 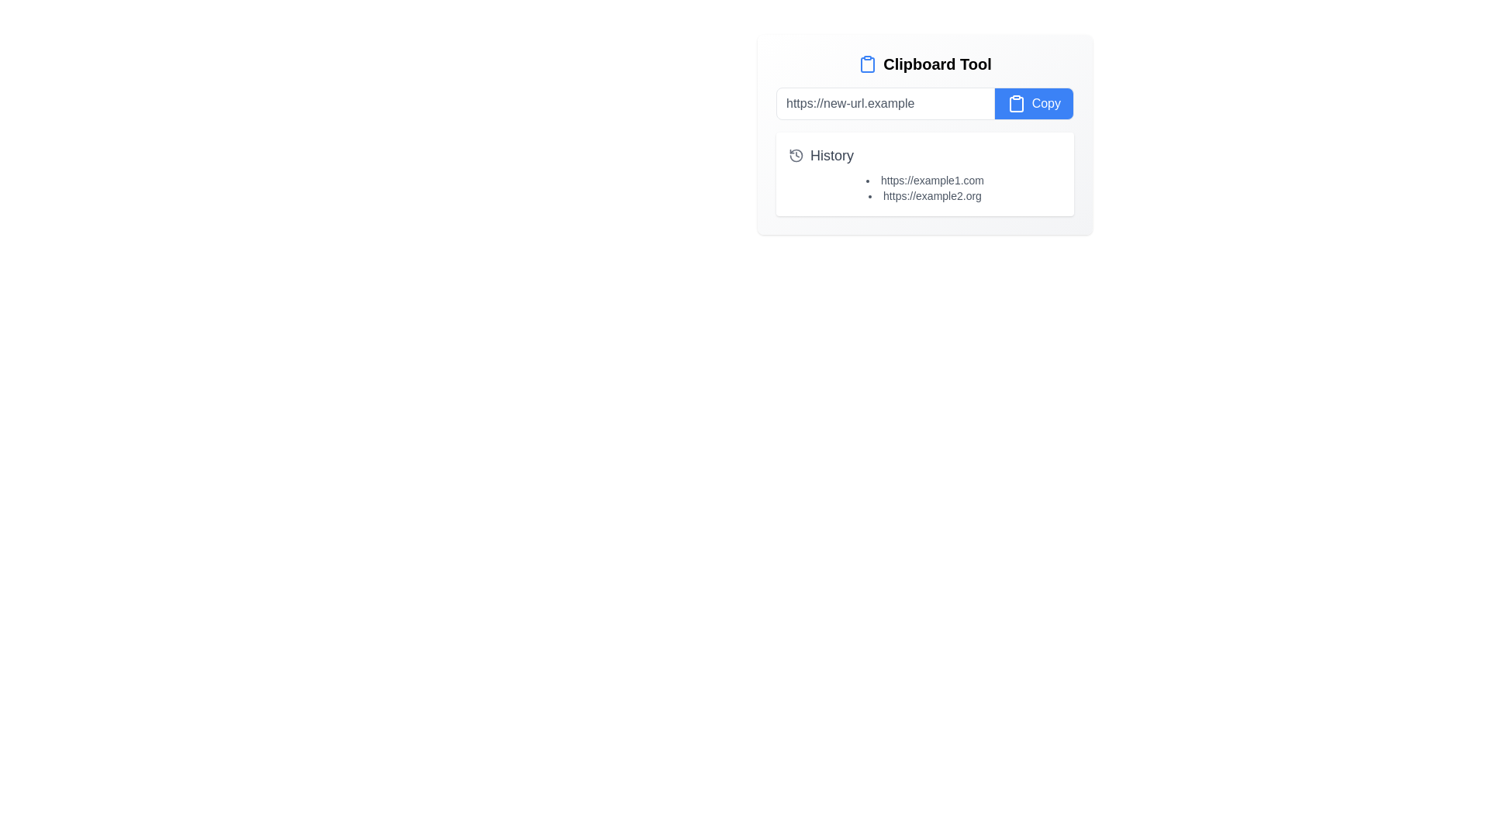 I want to click on the clipboard icon with a blue outline located to the left of the 'Clipboard Tool' text in the header section, so click(x=867, y=64).